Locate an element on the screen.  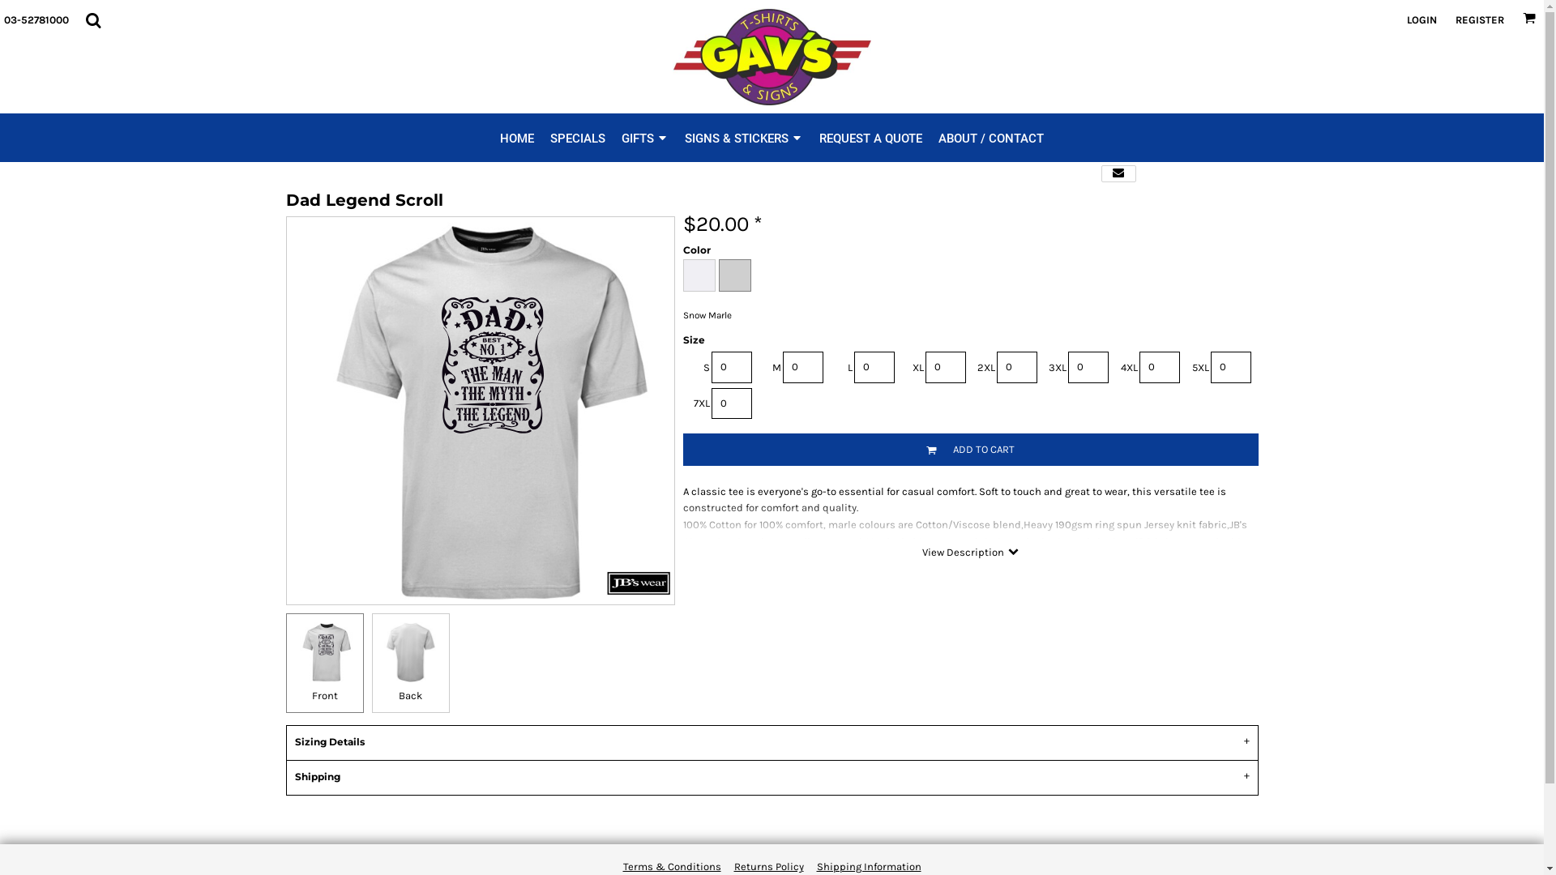
'GIFTS' is located at coordinates (621, 136).